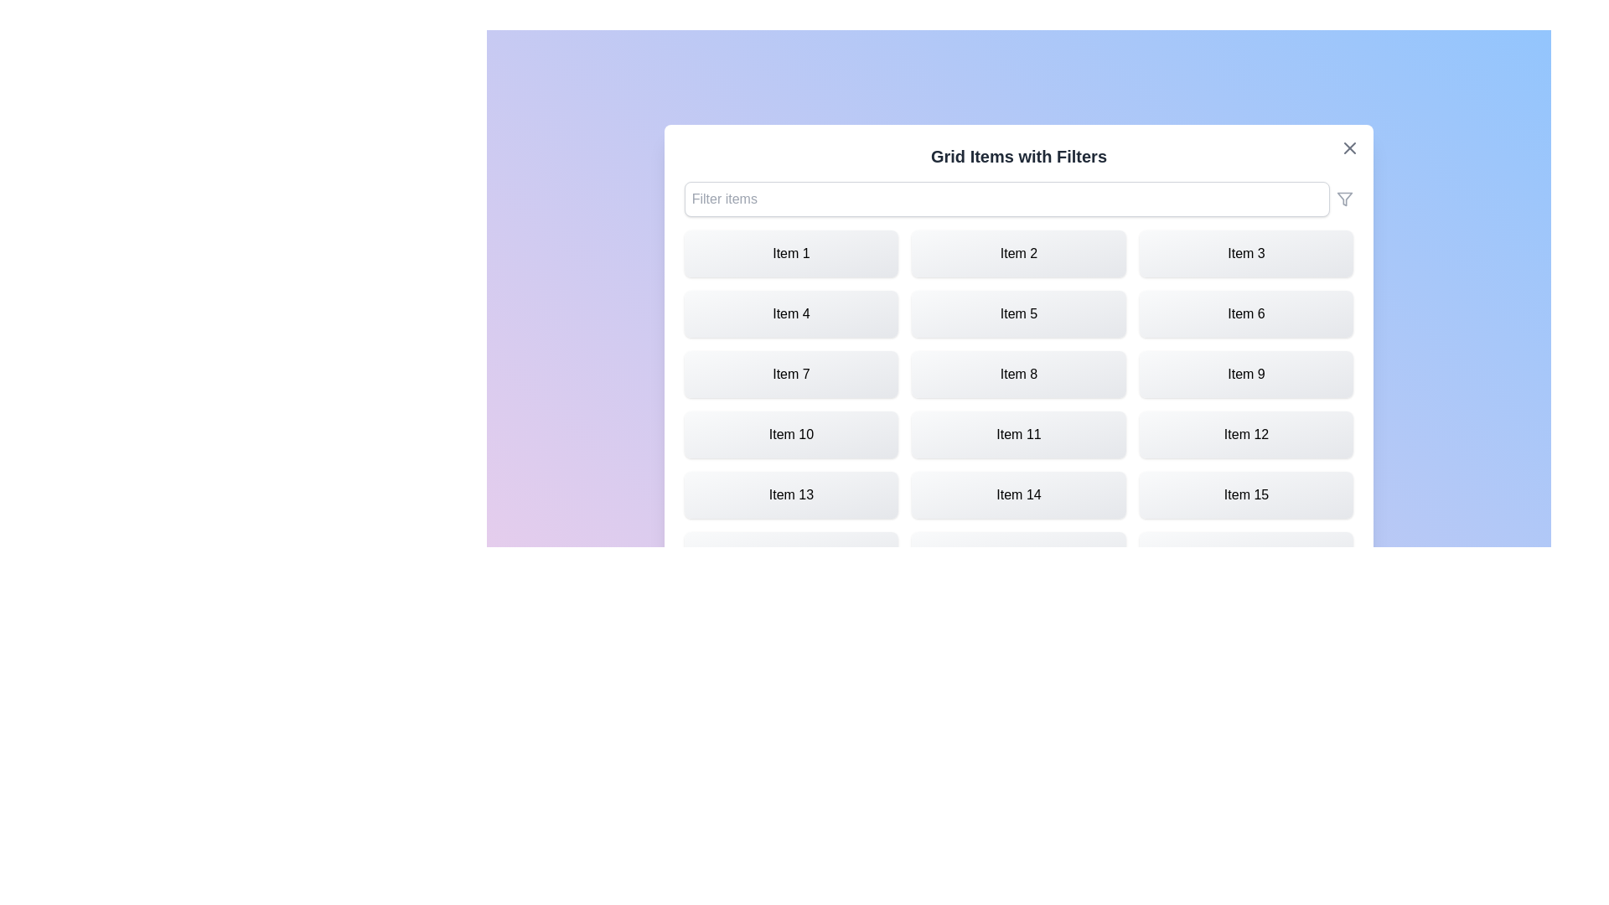  Describe the element at coordinates (1350, 147) in the screenshot. I see `the close button to close the dialog` at that location.